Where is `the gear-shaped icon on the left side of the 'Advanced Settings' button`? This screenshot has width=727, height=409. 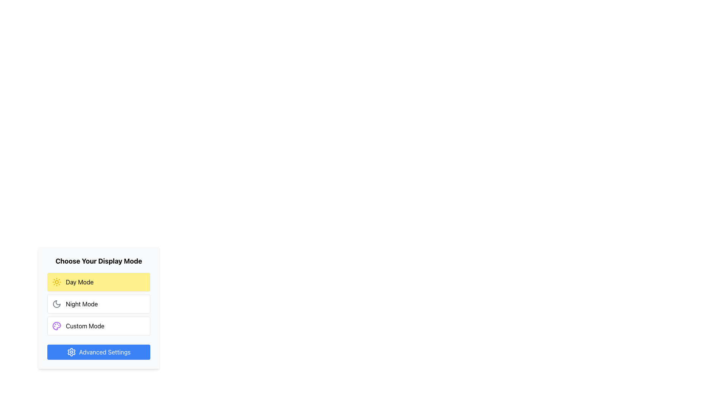 the gear-shaped icon on the left side of the 'Advanced Settings' button is located at coordinates (71, 352).